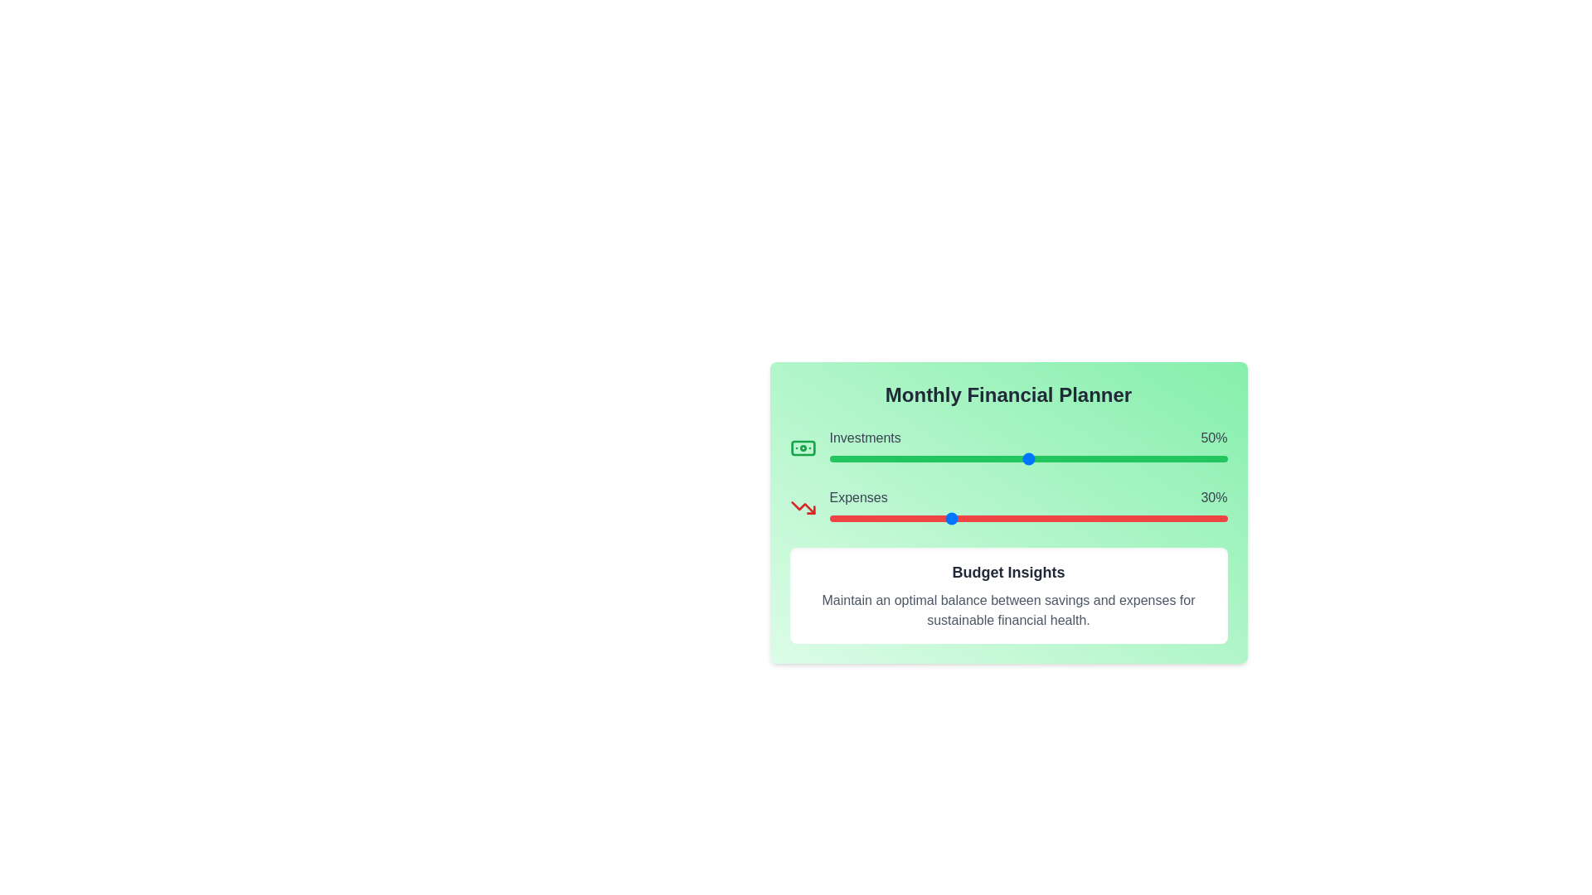 The width and height of the screenshot is (1592, 895). I want to click on the 'Investments' slider to set its value to 94%, so click(1203, 459).